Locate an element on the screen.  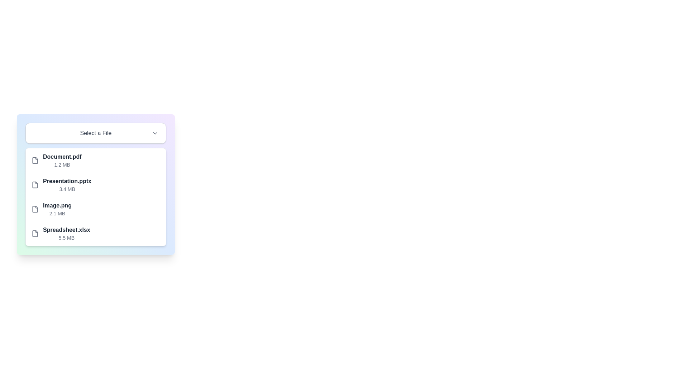
the icon representing the 'Presentation.pptx' file, which is located to the far left of the row labeled 'Presentation.pptx 3.4 MB.' is located at coordinates (34, 185).